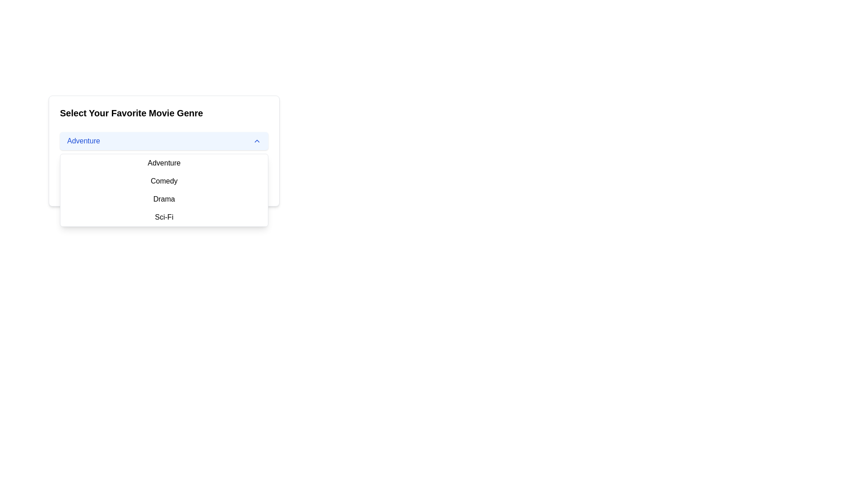  I want to click on the 'Adventure' option in the dropdown menu, so click(164, 163).